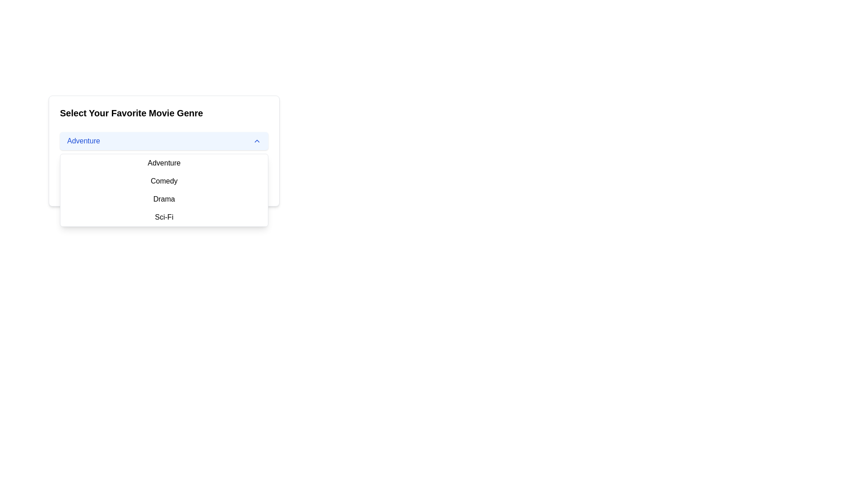  I want to click on the 'Adventure' option in the dropdown menu, so click(164, 163).